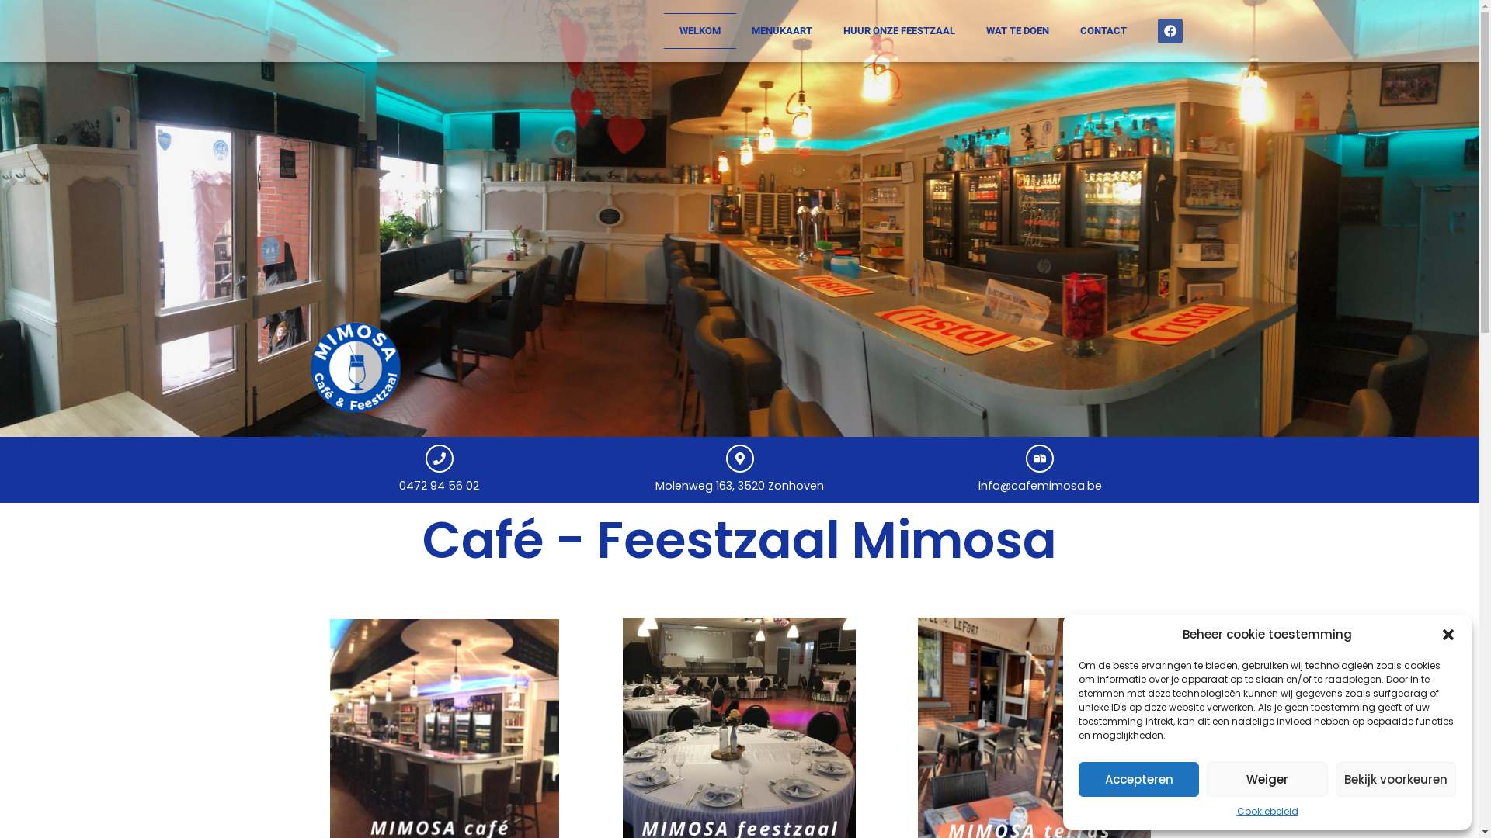 Image resolution: width=1491 pixels, height=838 pixels. What do you see at coordinates (698, 30) in the screenshot?
I see `'WELKOM'` at bounding box center [698, 30].